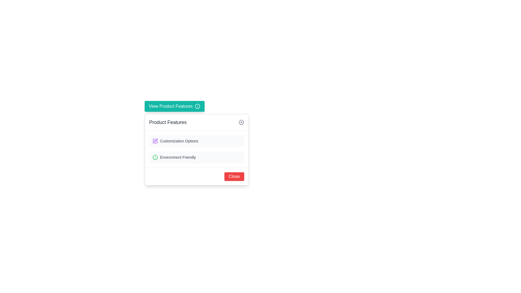 The width and height of the screenshot is (521, 293). Describe the element at coordinates (196, 149) in the screenshot. I see `the 'Customization Options' and 'Environment Friendly' items in the 'Product Features' modal panel` at that location.